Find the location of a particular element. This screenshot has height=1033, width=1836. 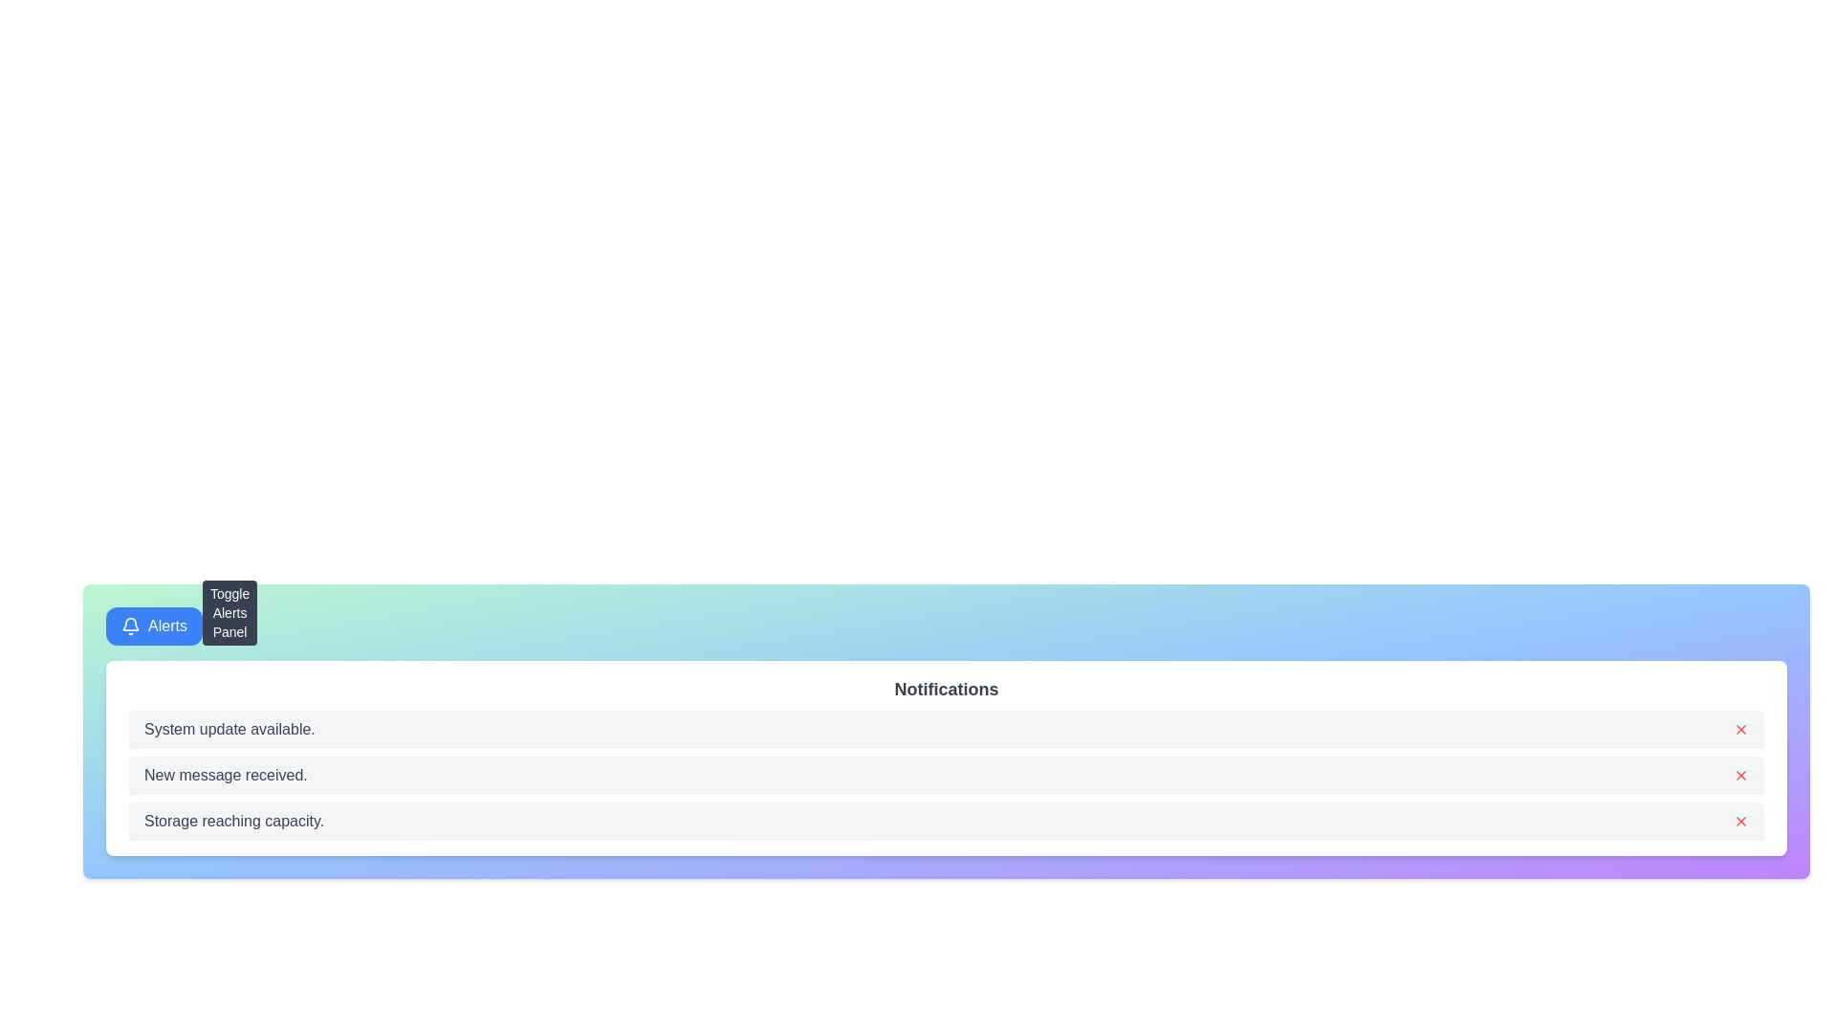

notification message indicating that storage is nearing its capacity, which is the third notification row below the 'Notifications' title bar is located at coordinates (946, 821).